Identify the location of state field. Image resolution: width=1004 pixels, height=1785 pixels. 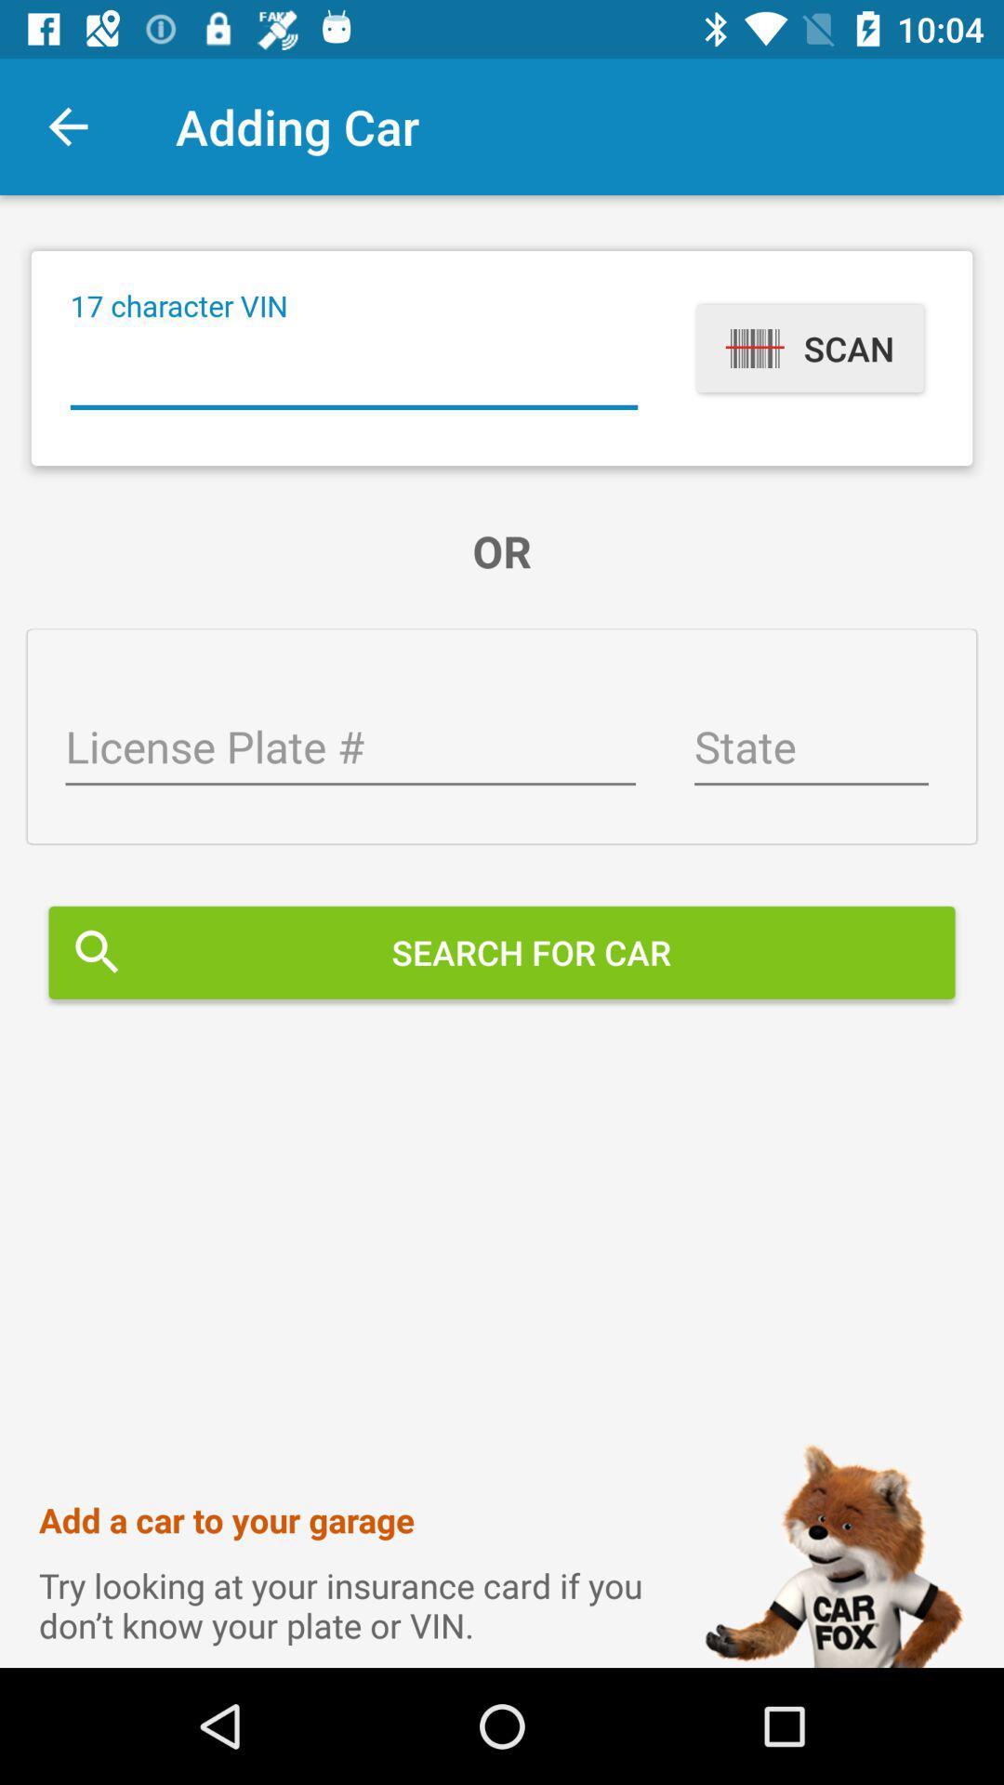
(810, 749).